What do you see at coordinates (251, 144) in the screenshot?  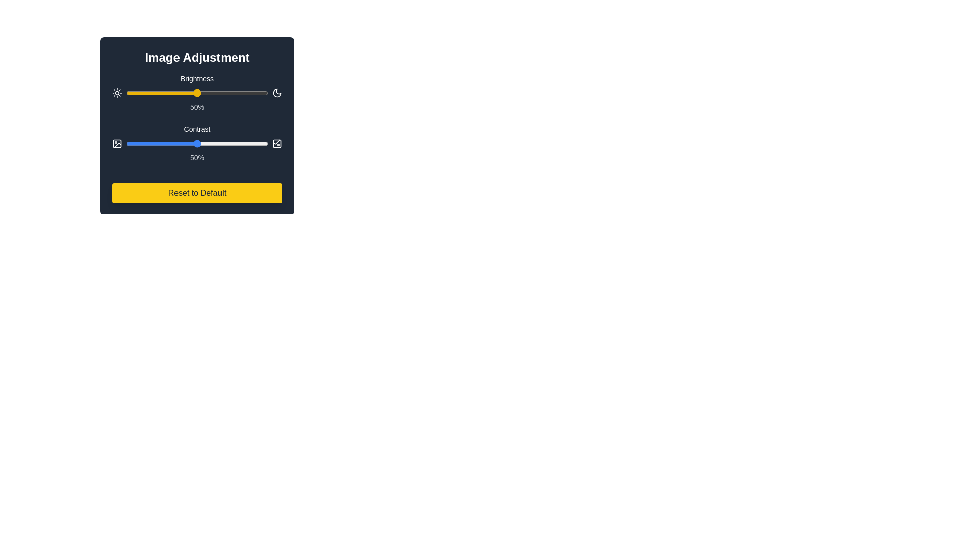 I see `the contrast level` at bounding box center [251, 144].